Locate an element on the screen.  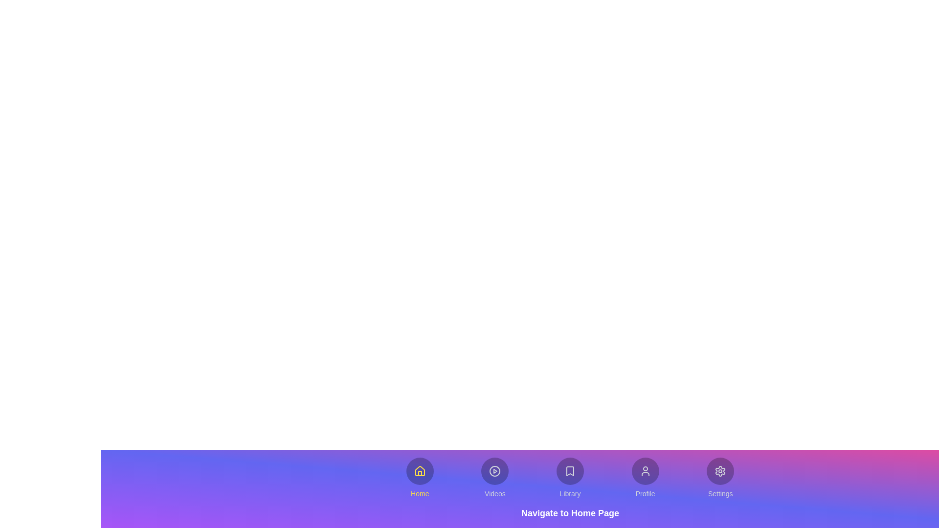
the tab labeled Profile in the navigation bar is located at coordinates (645, 478).